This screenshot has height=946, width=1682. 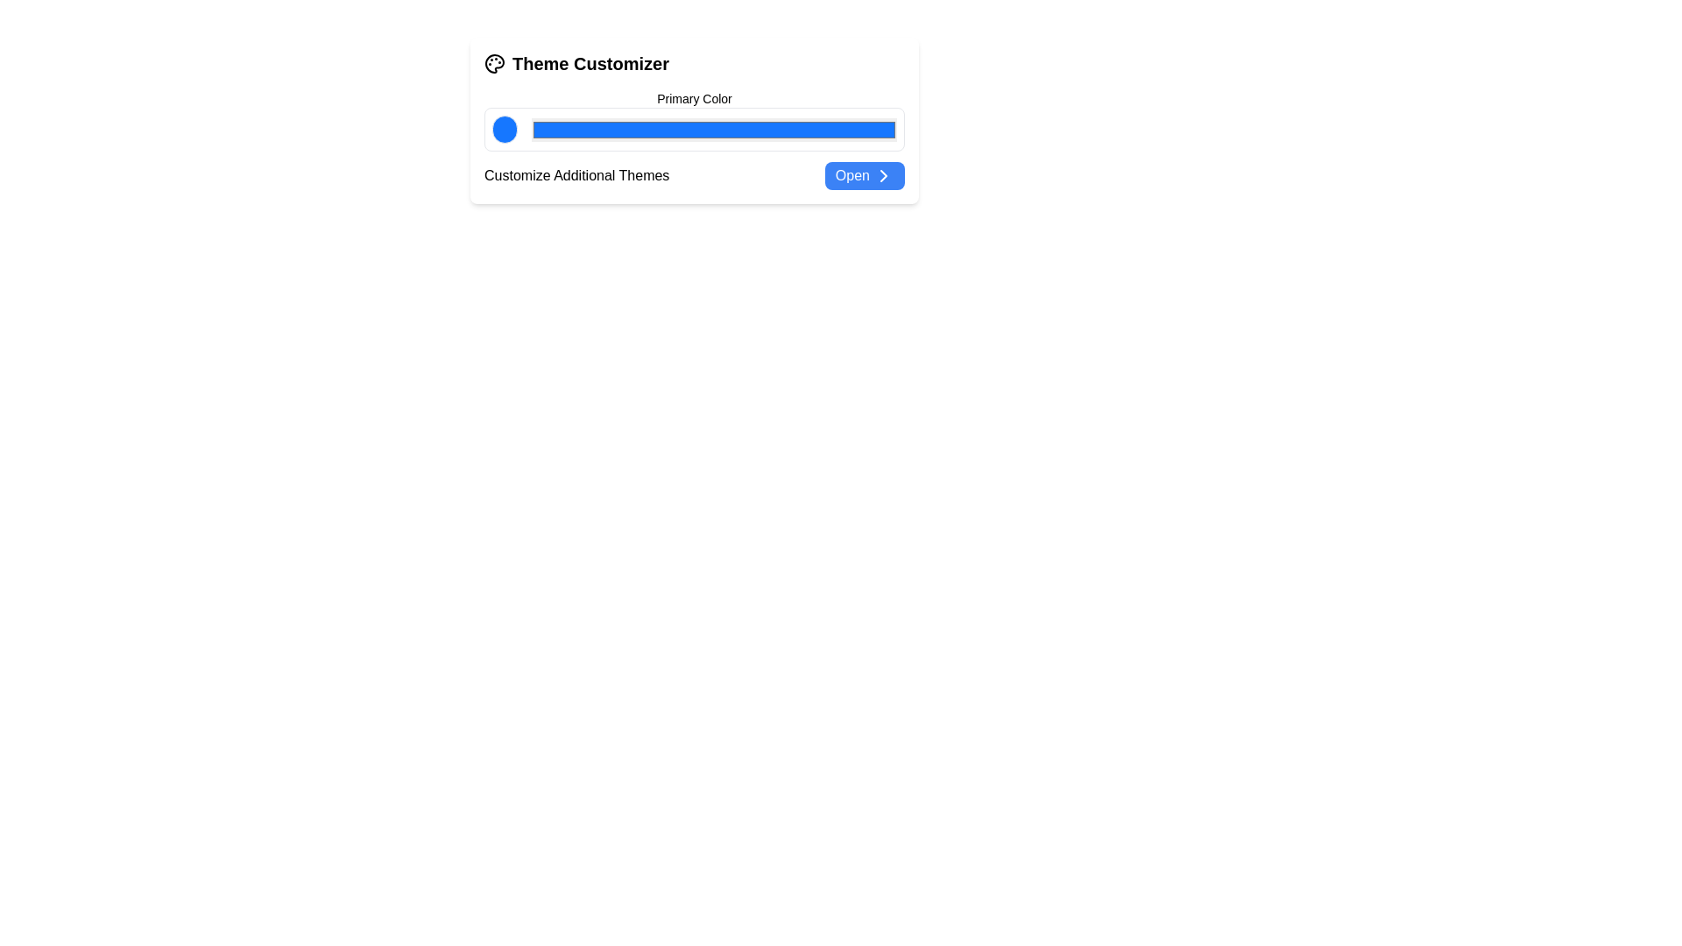 What do you see at coordinates (494, 63) in the screenshot?
I see `the Theme Customizer icon, which is an SVG graphic located near the top-left corner of the Theme Customizer interface, adjacent to the heading 'Theme Customizer'` at bounding box center [494, 63].